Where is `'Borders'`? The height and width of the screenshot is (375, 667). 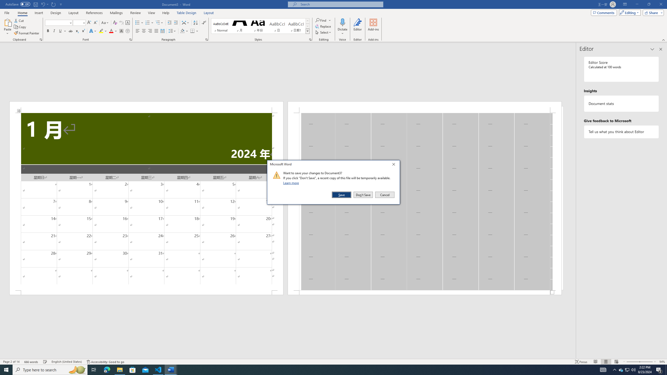
'Borders' is located at coordinates (194, 31).